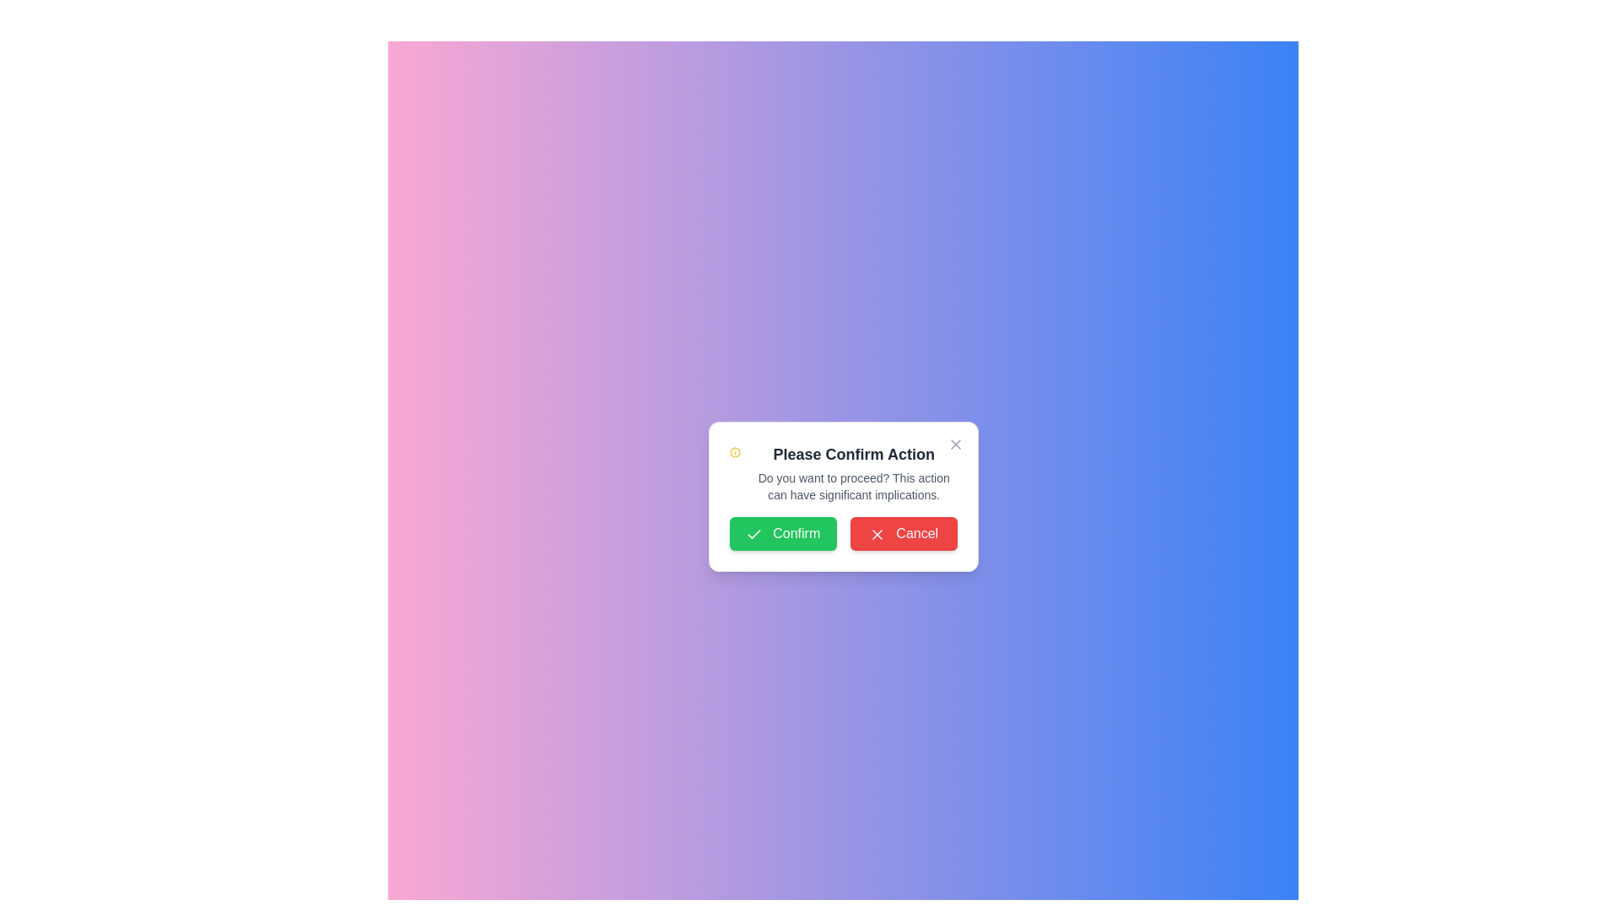  Describe the element at coordinates (753, 534) in the screenshot. I see `the Icon (SVG) indicating the purpose of the 'Confirm' button, which is located within the green 'Confirm' button at the bottom-left corner of the confirmation dialog box` at that location.